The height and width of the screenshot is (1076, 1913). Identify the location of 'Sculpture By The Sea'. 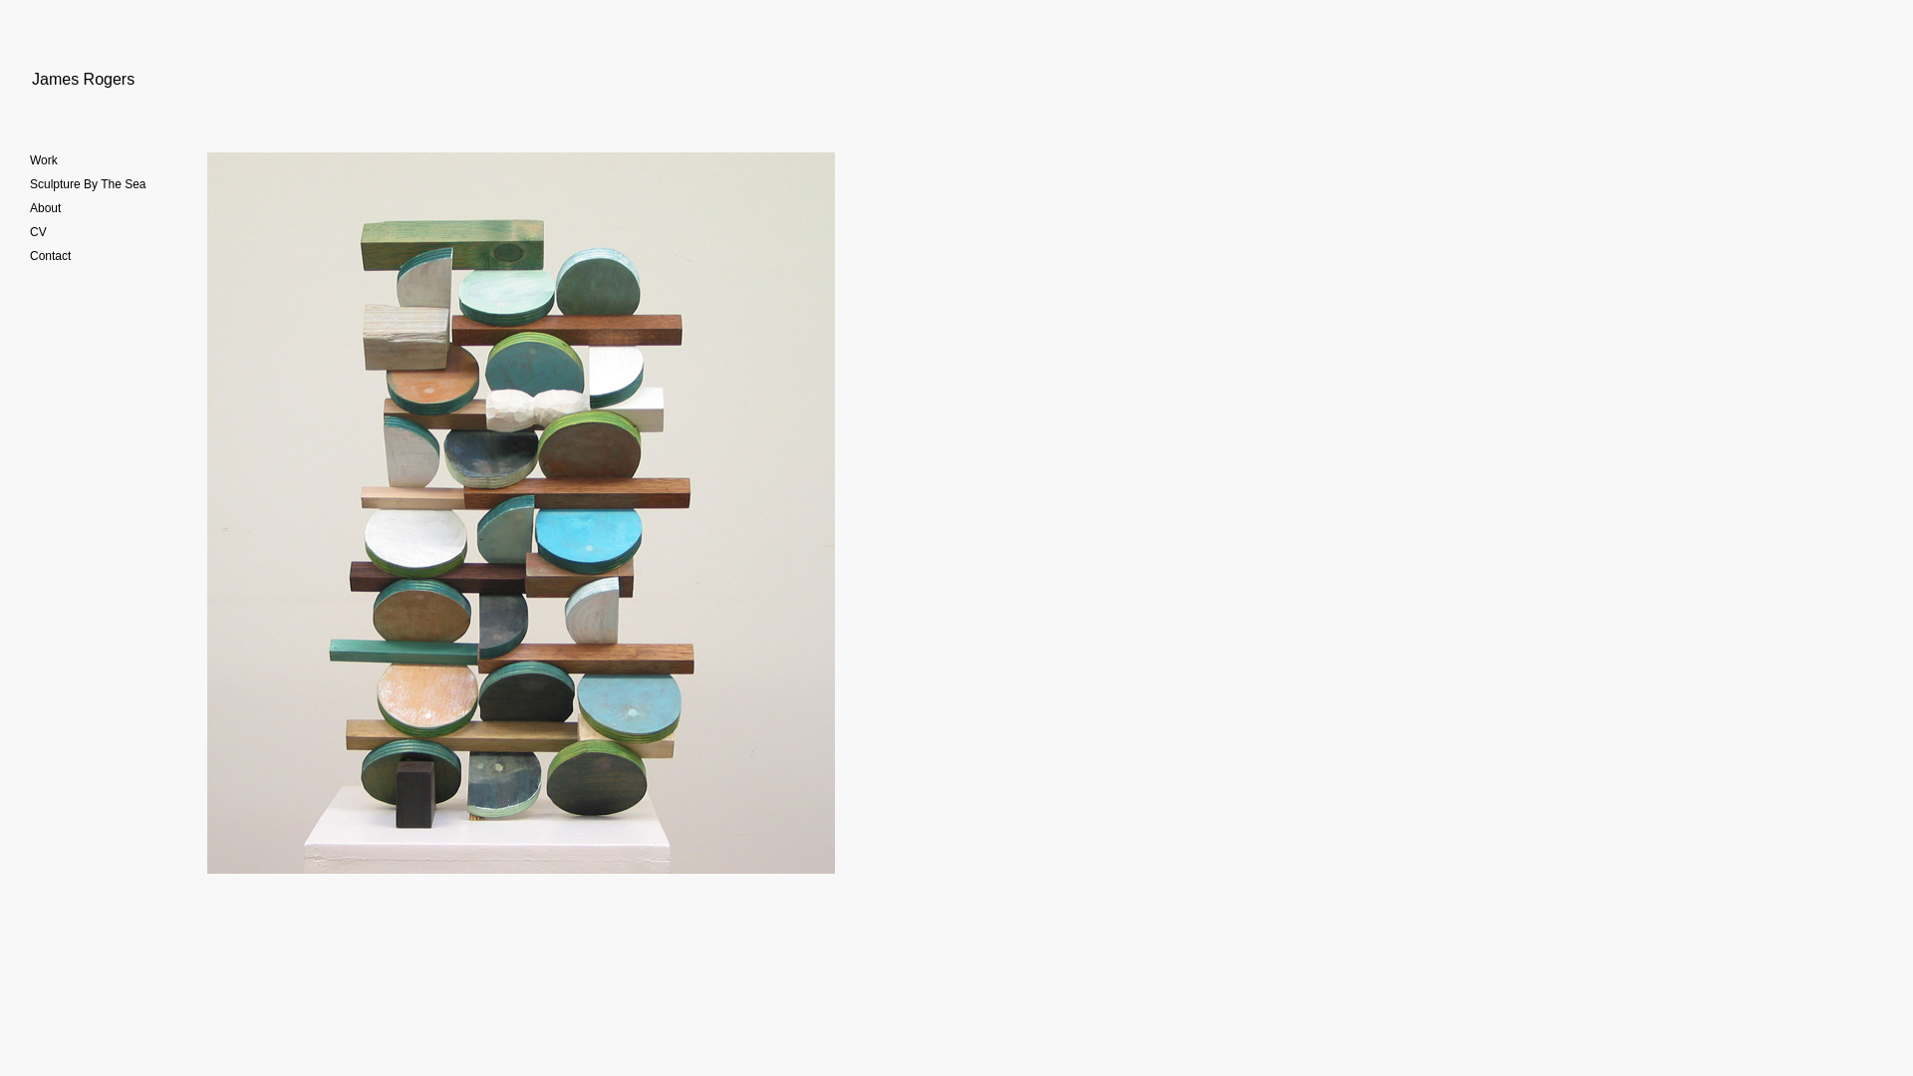
(87, 184).